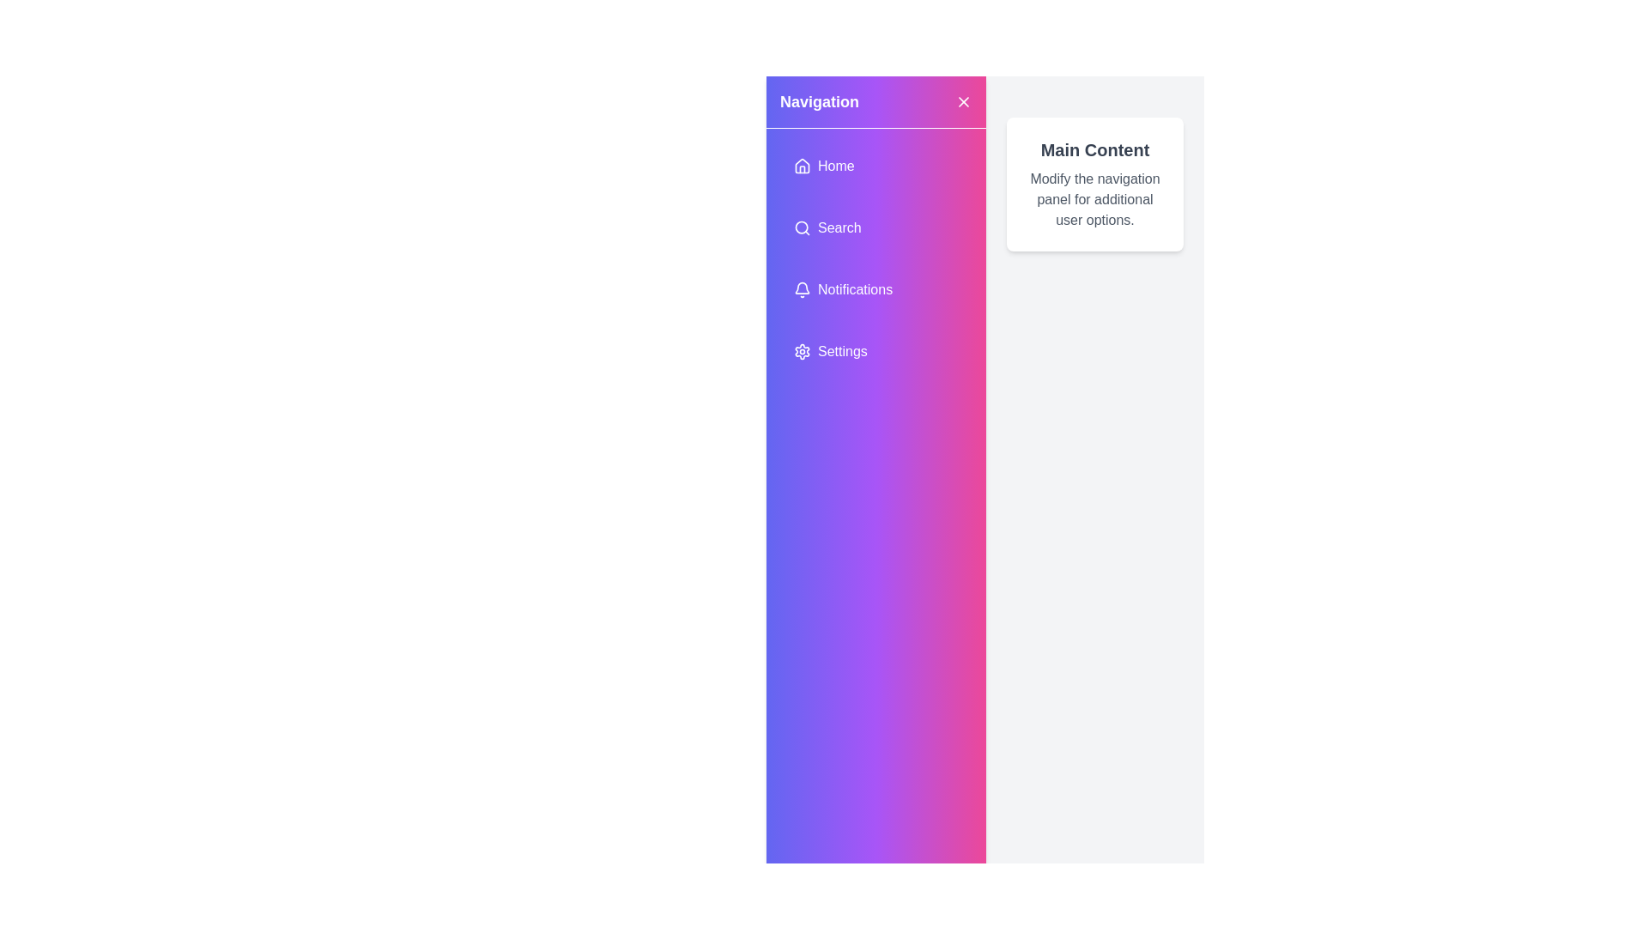  I want to click on the navigation label for the Notifications section, which is located in the vertical navigation bar, third item below 'Search' and above 'Settings', so click(855, 289).